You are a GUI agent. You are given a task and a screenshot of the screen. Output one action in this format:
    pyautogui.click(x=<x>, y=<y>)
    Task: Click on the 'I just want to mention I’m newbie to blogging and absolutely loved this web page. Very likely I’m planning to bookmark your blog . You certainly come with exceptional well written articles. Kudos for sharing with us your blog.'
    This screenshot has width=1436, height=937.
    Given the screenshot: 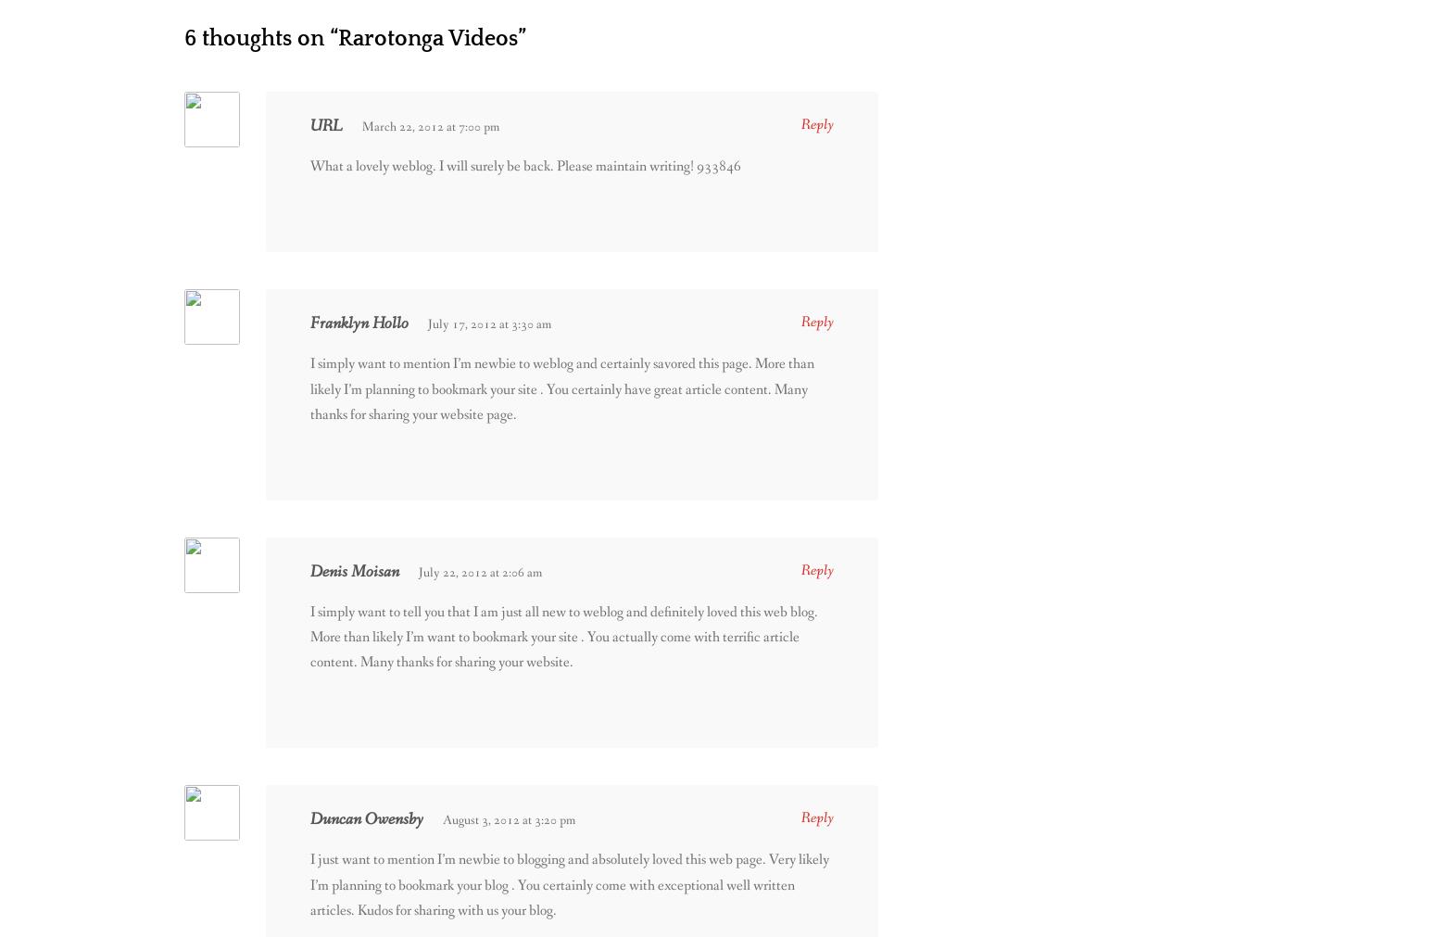 What is the action you would take?
    pyautogui.click(x=570, y=884)
    